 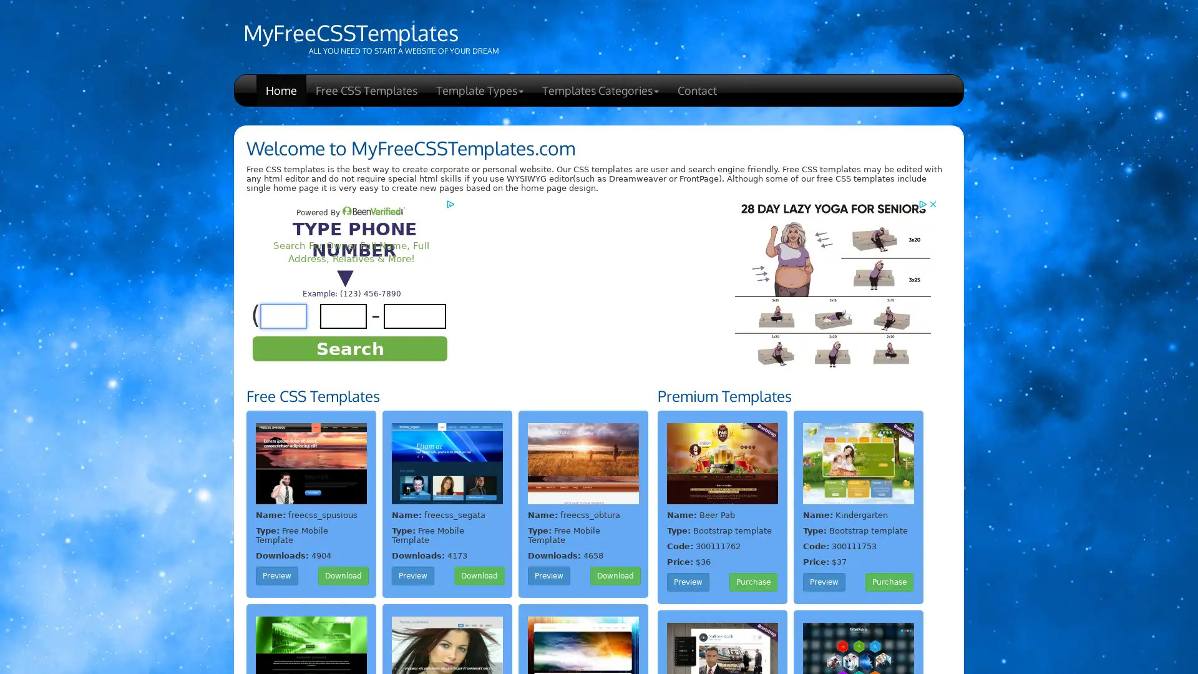 What do you see at coordinates (752, 582) in the screenshot?
I see `Purchase` at bounding box center [752, 582].